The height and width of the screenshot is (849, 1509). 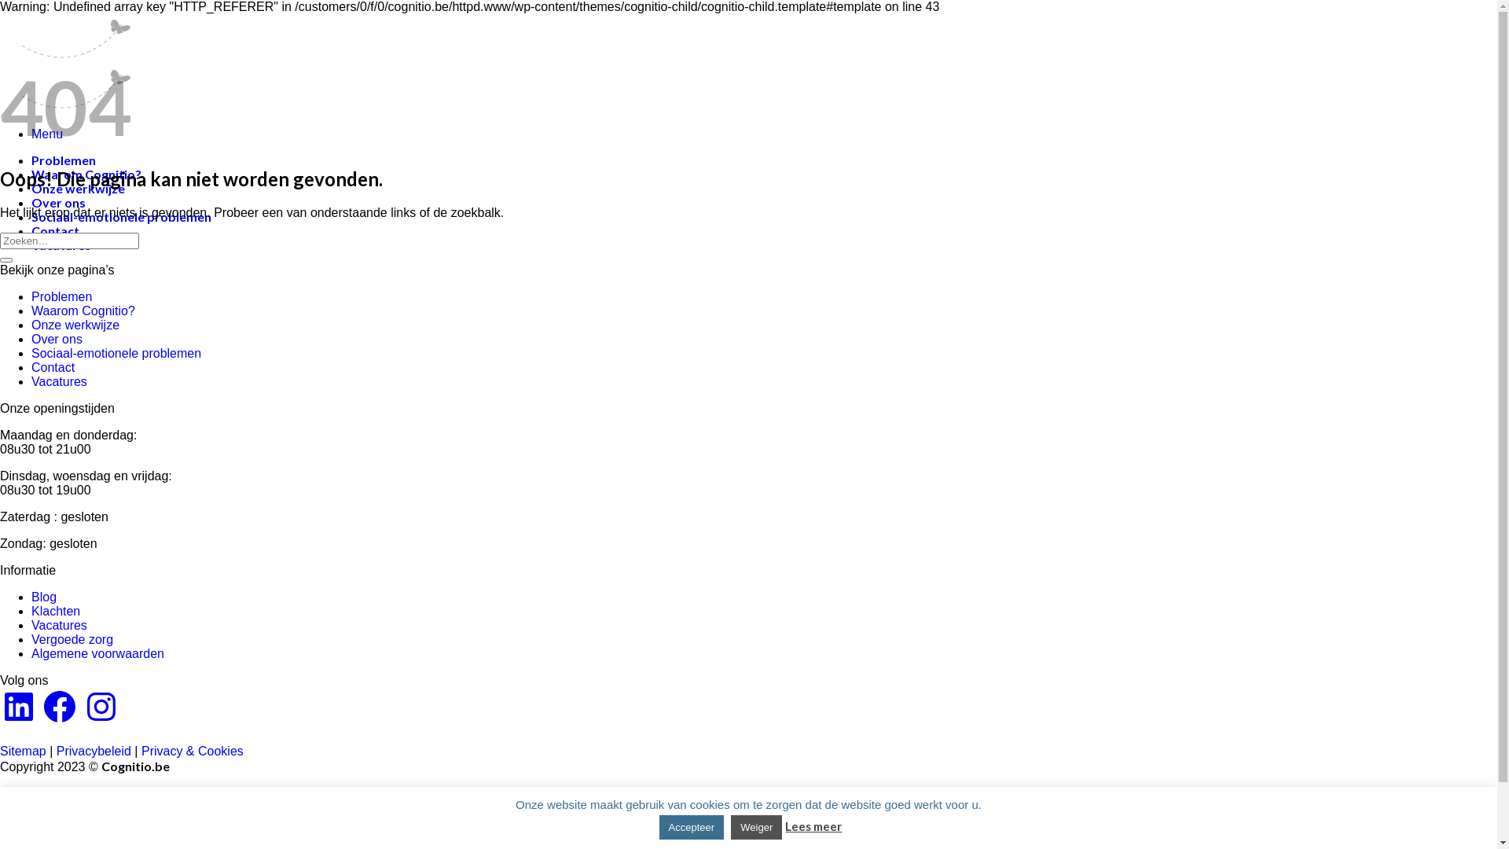 I want to click on 'Onze werkwijze', so click(x=77, y=187).